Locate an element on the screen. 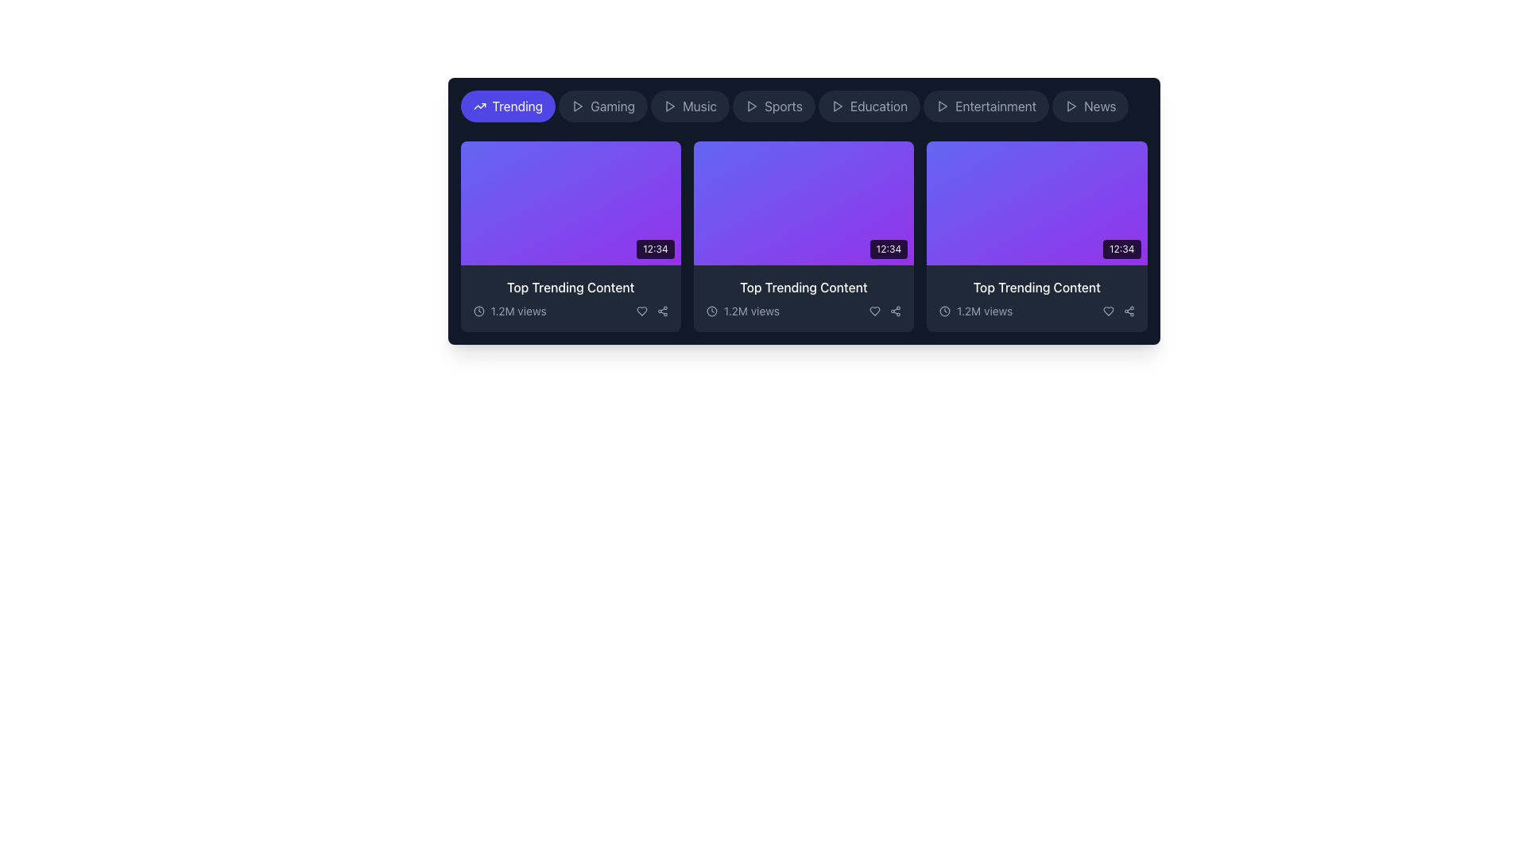  the 'Entertainment' tab in the navigation bar, which is the sixth tab from the left, styled with a gray font color against a dark gray background is located at coordinates (995, 106).